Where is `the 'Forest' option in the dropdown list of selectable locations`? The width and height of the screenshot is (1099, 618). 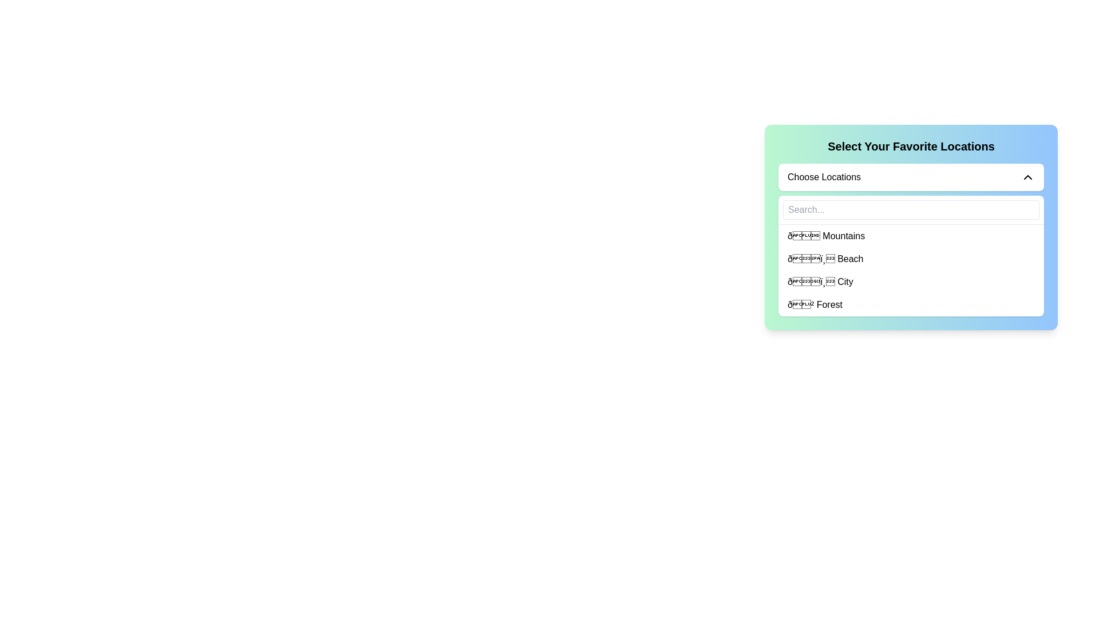
the 'Forest' option in the dropdown list of selectable locations is located at coordinates (815, 304).